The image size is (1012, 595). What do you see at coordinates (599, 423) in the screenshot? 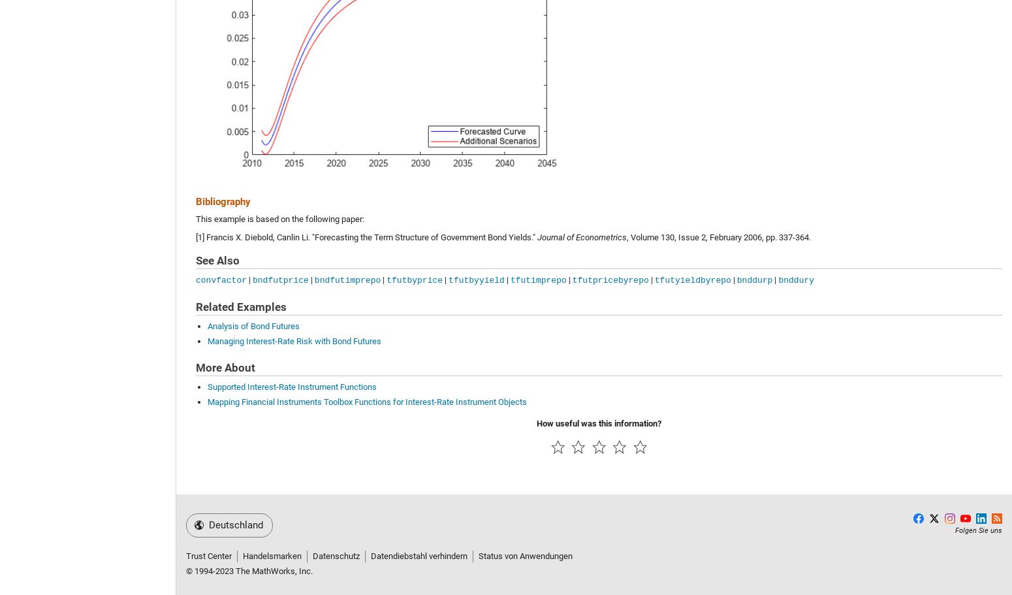
I see `'How useful was this information?'` at bounding box center [599, 423].